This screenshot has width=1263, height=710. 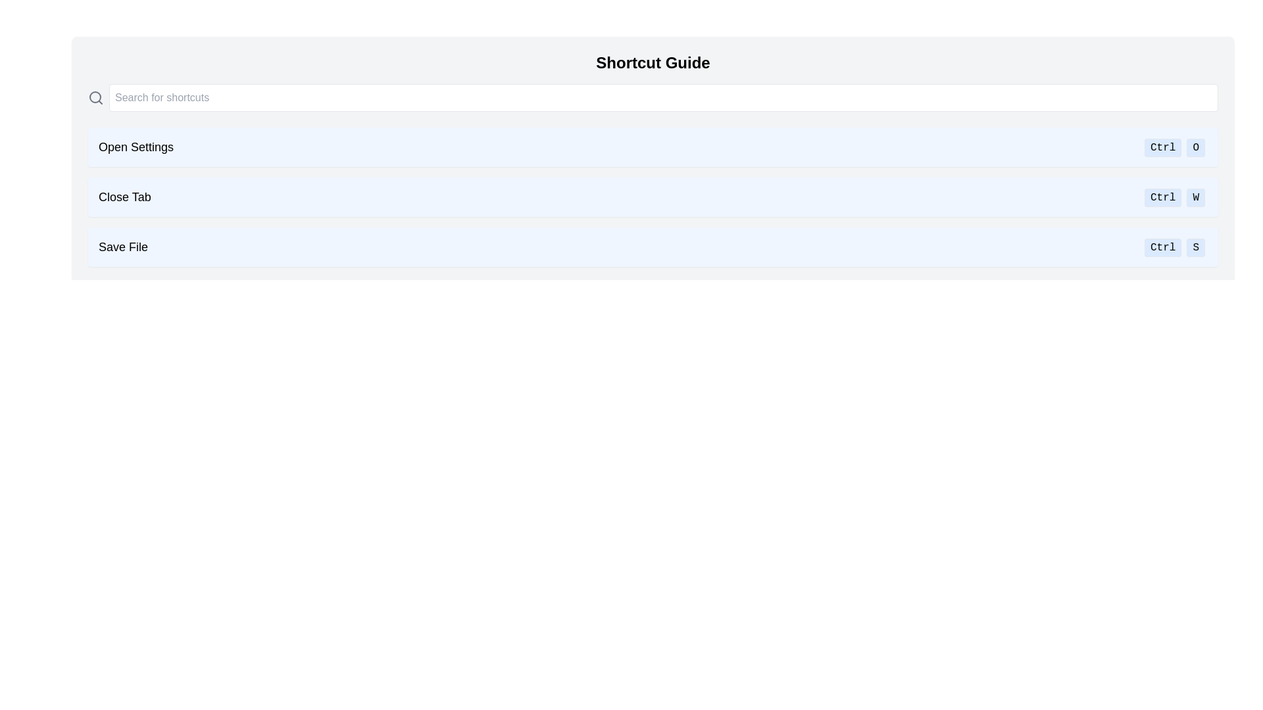 I want to click on the keyboard shortcut display for 'Save File' which indicates 'Ctrl + S', so click(x=1174, y=247).